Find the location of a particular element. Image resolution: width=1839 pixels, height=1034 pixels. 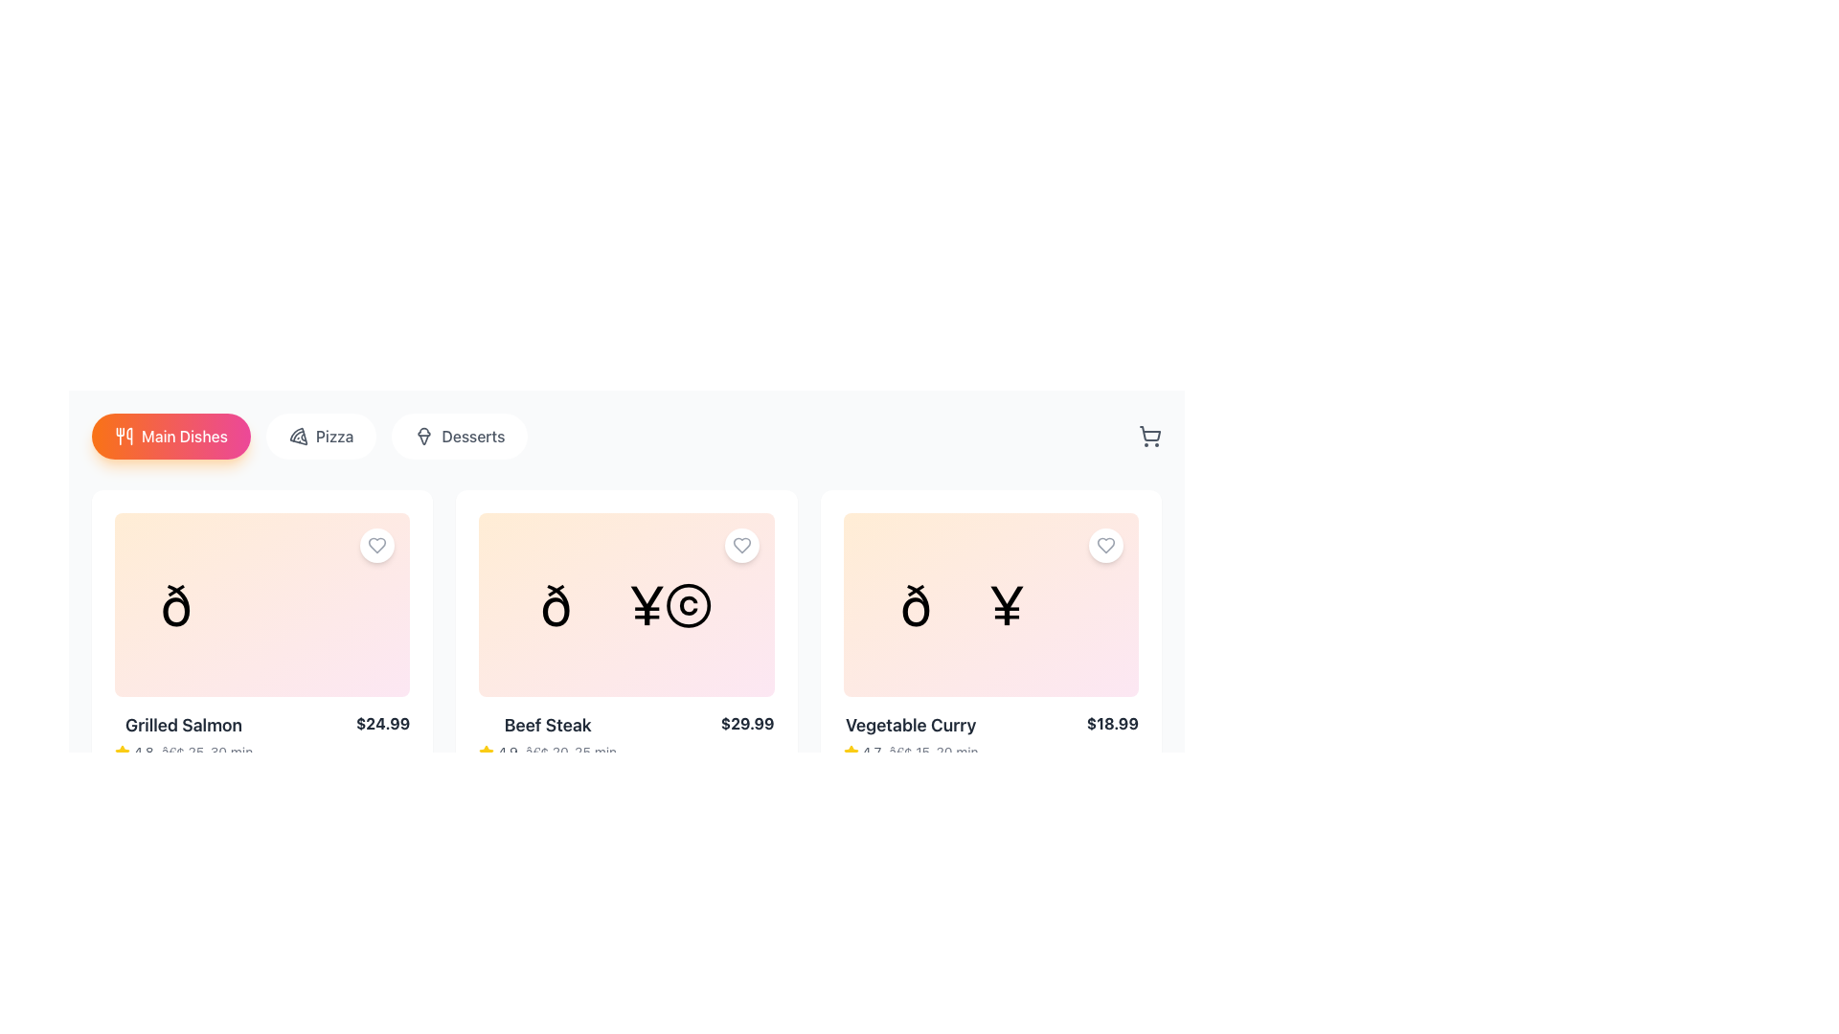

the 'Pizza' text label is located at coordinates (334, 436).